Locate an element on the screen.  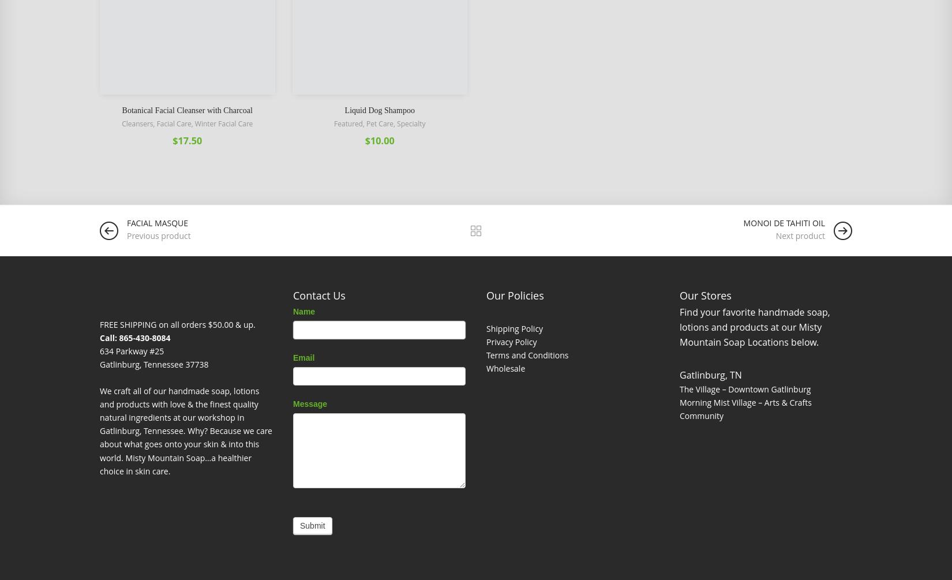
'Email' is located at coordinates (293, 356).